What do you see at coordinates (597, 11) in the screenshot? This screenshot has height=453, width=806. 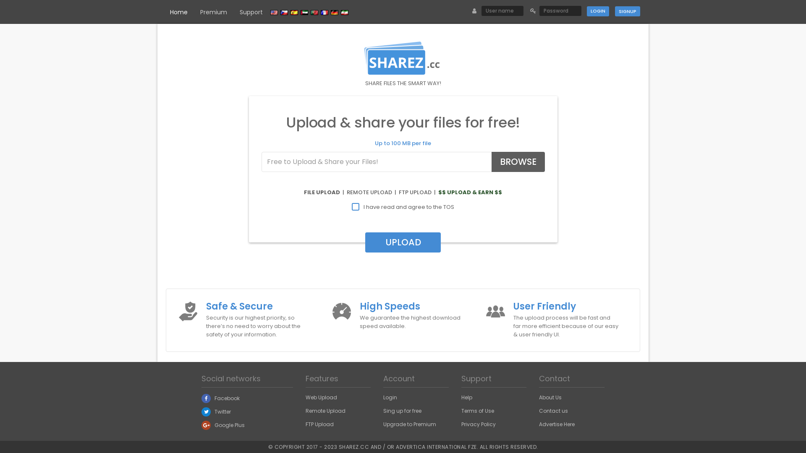 I see `'Login'` at bounding box center [597, 11].